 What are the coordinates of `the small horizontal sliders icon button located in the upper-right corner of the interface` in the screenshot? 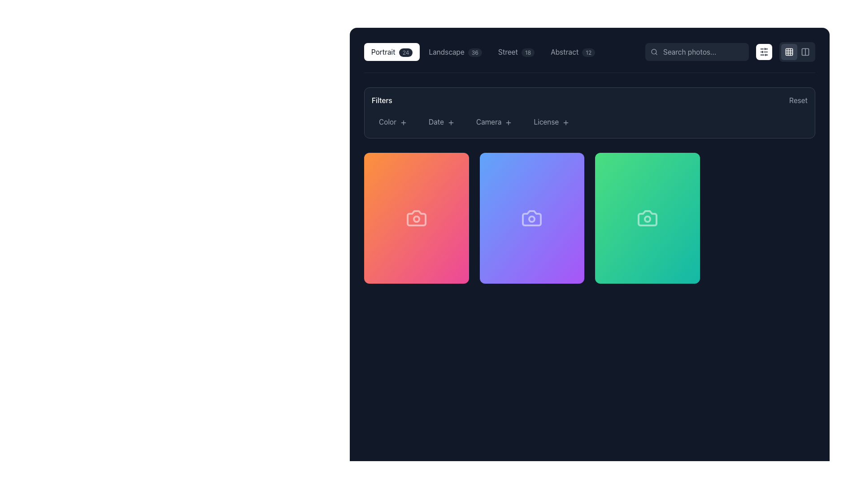 It's located at (764, 52).